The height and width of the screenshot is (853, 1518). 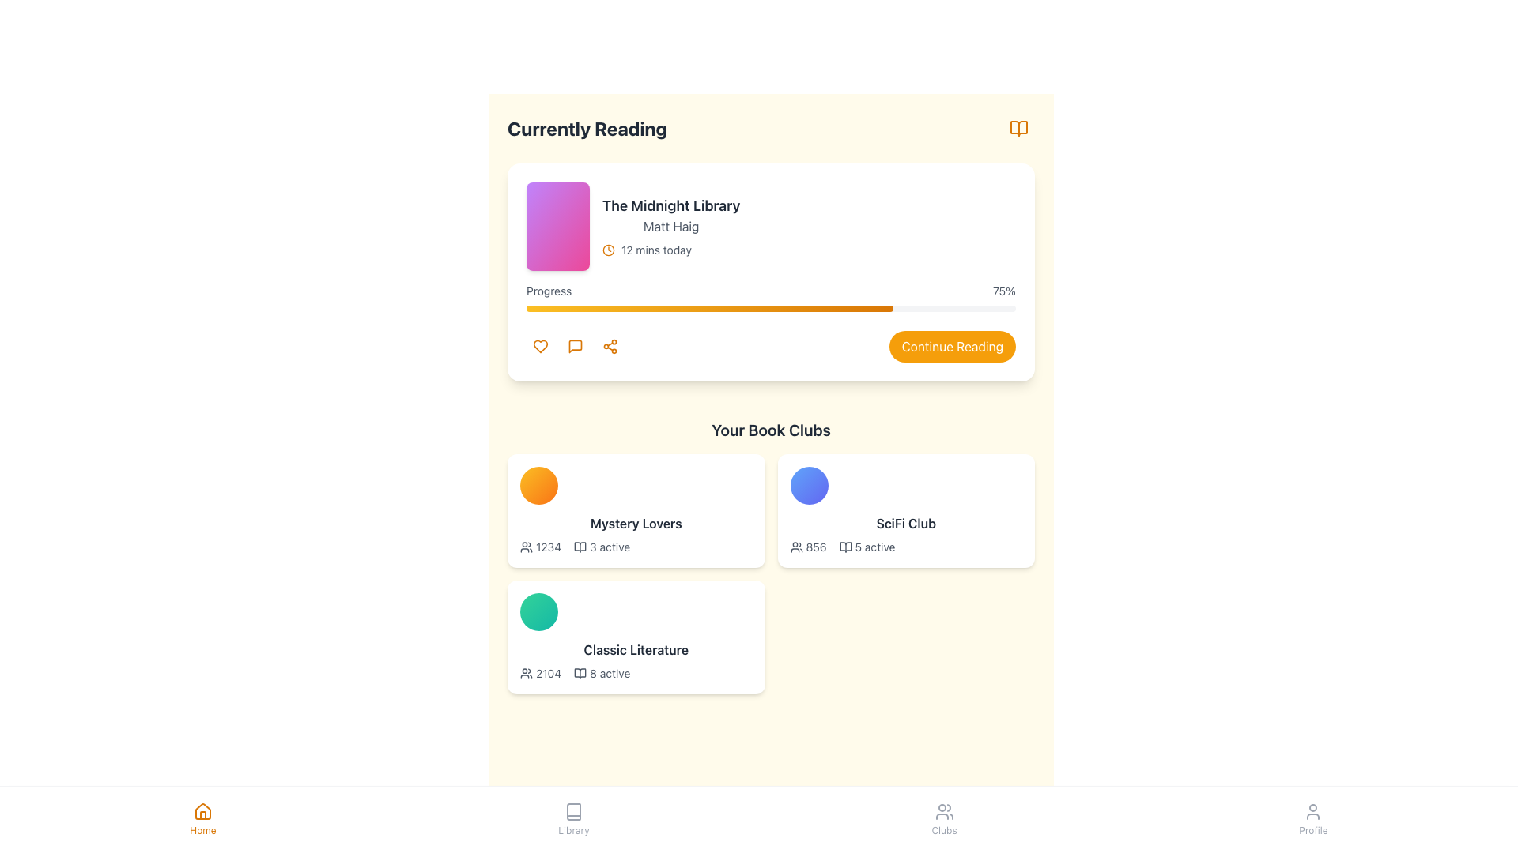 What do you see at coordinates (601, 673) in the screenshot?
I see `the text block that reads '8 active' with an accompanying open book icon, located in the bottom-right card of the 'Your Book Clubs' section, specifically within the 'Classic Literature' card` at bounding box center [601, 673].